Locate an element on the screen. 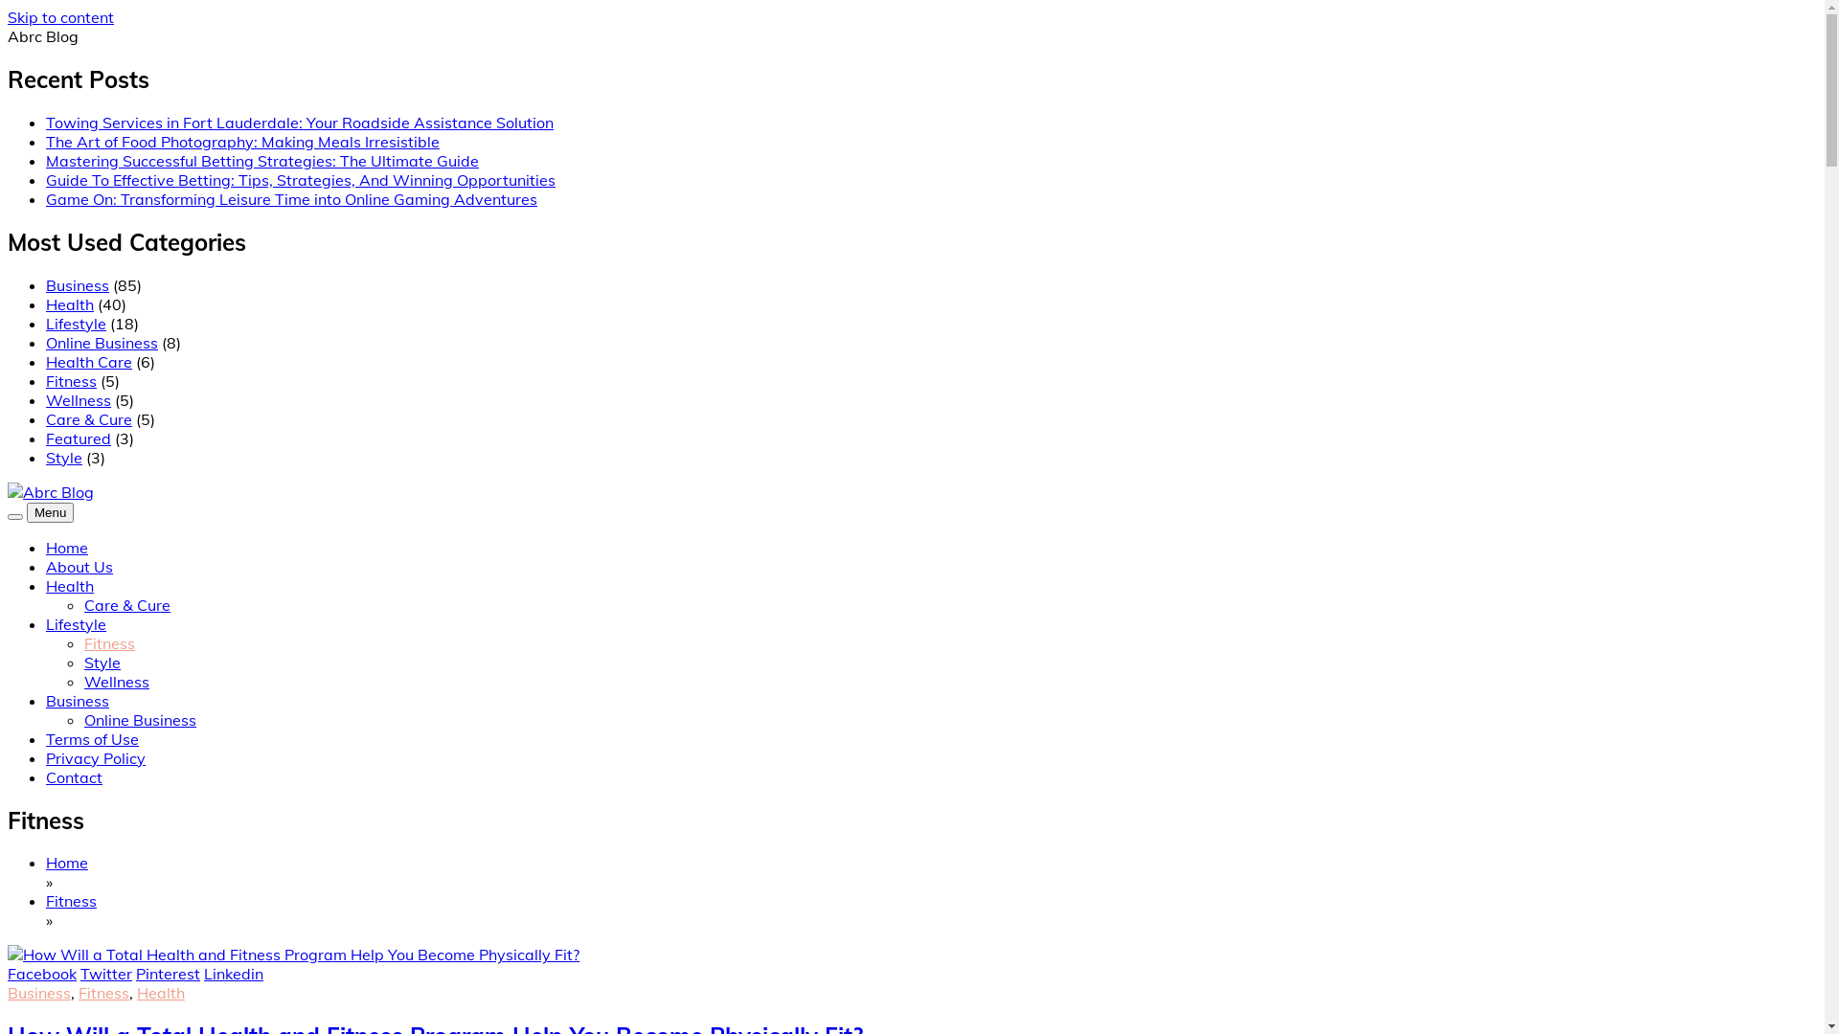 Image resolution: width=1839 pixels, height=1034 pixels. 'Terms of Use' is located at coordinates (91, 737).